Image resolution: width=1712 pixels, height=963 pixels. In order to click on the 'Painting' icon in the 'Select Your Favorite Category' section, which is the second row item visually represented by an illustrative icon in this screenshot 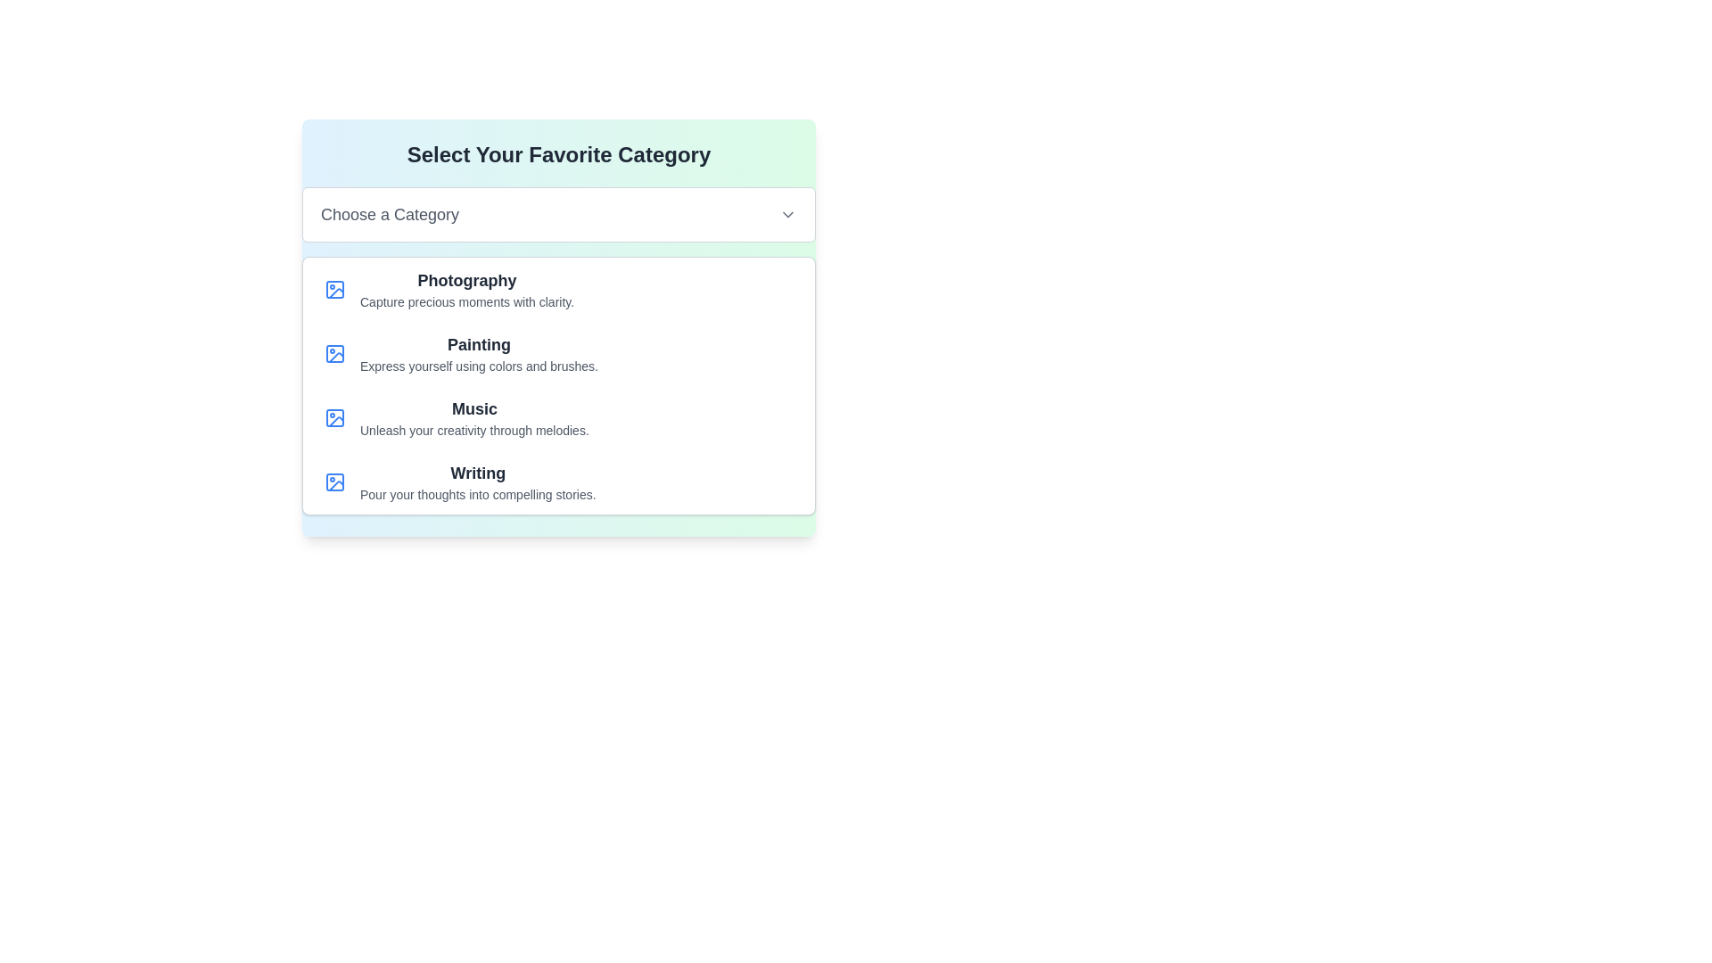, I will do `click(334, 354)`.